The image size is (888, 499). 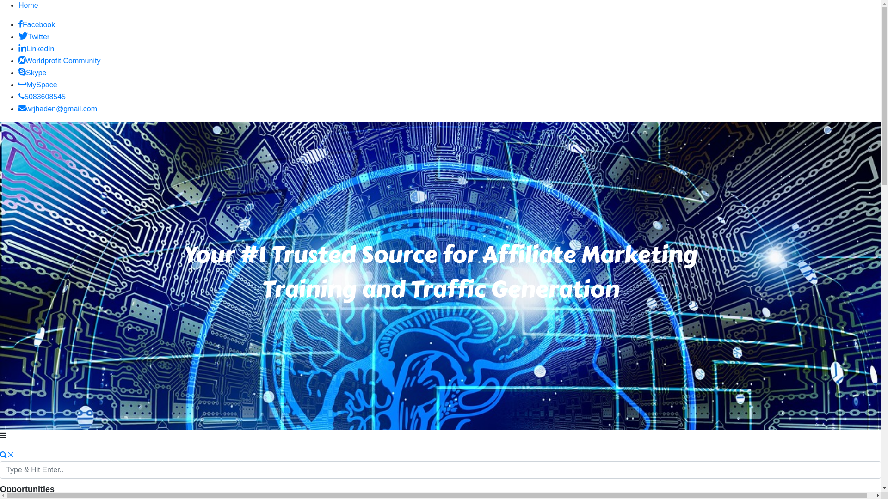 I want to click on 'Facebook', so click(x=37, y=24).